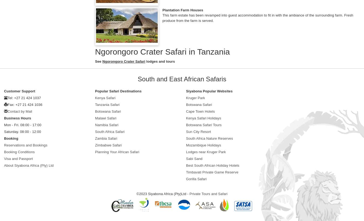  Describe the element at coordinates (198, 132) in the screenshot. I see `'Sun City Resort'` at that location.